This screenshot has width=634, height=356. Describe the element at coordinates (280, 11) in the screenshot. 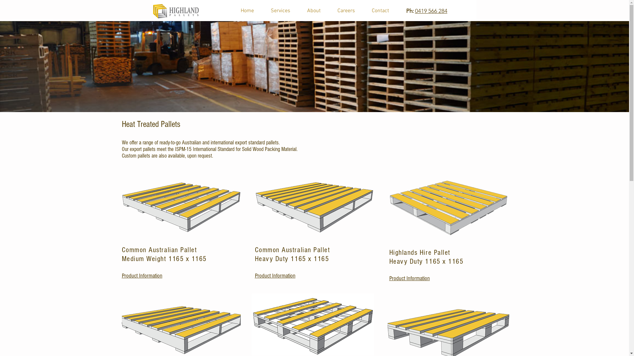

I see `'Services'` at that location.